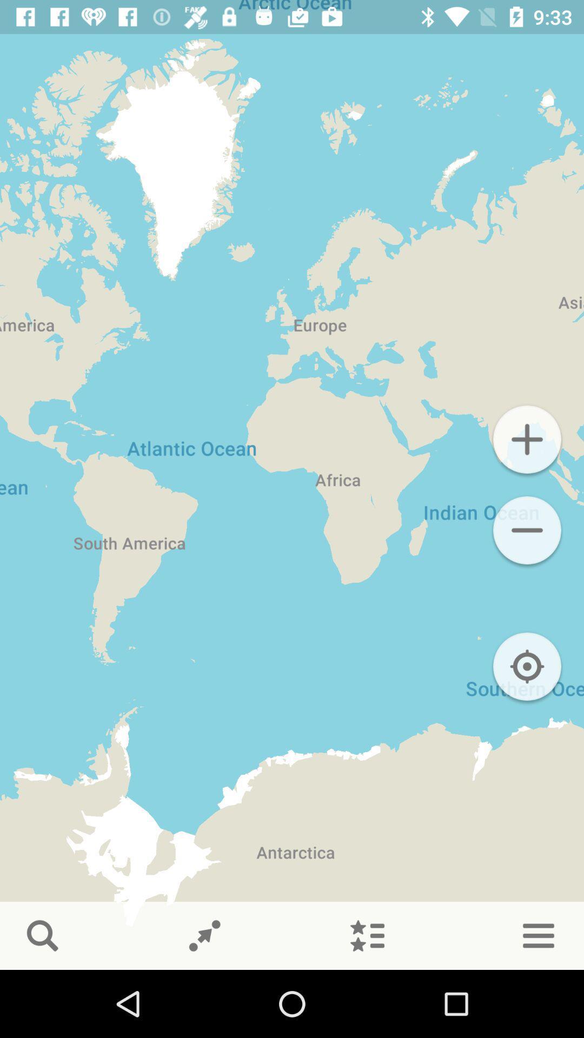  I want to click on split option, so click(204, 935).